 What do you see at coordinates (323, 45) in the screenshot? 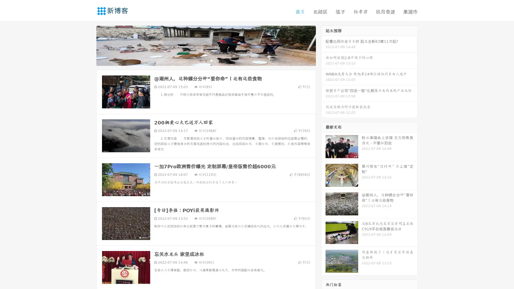
I see `Next slide` at bounding box center [323, 45].